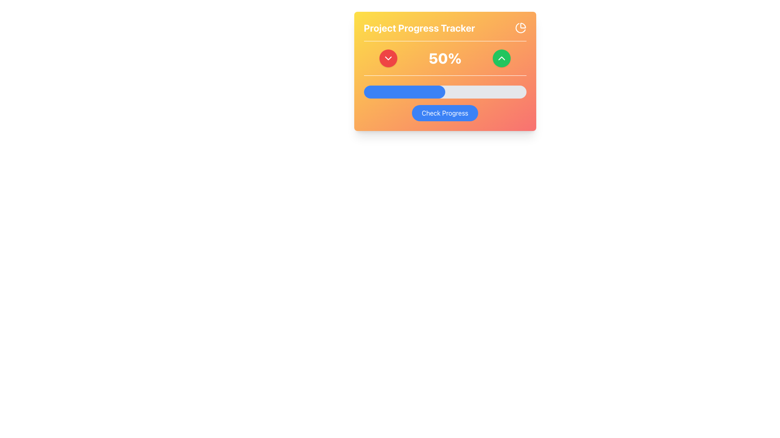 This screenshot has width=780, height=438. What do you see at coordinates (444, 113) in the screenshot?
I see `the progress review button located at the bottom of the card element` at bounding box center [444, 113].